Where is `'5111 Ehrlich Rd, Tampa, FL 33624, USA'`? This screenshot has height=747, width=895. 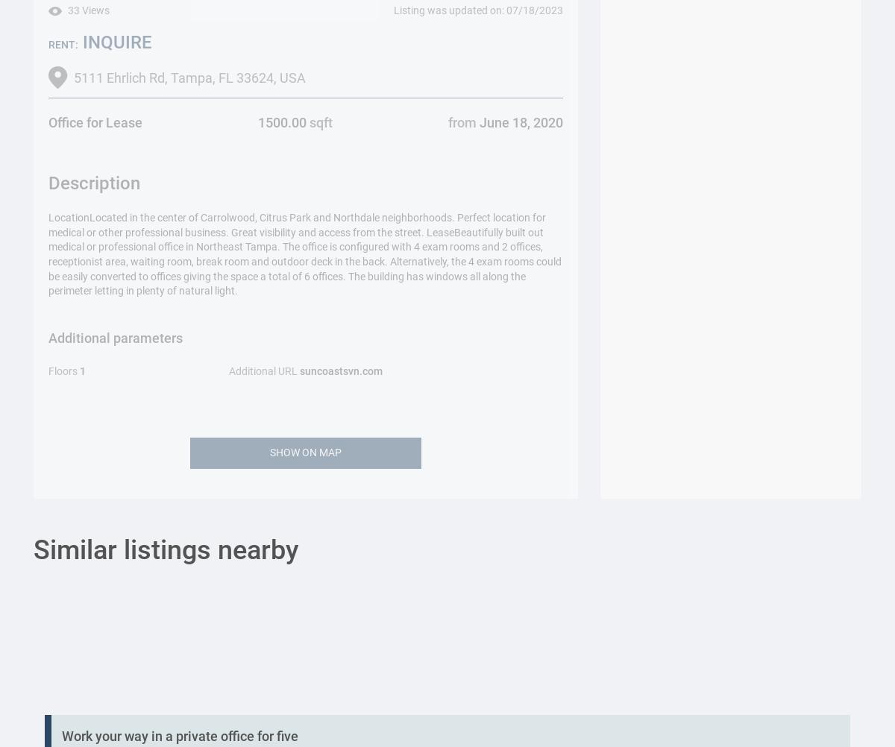 '5111 Ehrlich Rd, Tampa, FL 33624, USA' is located at coordinates (189, 76).